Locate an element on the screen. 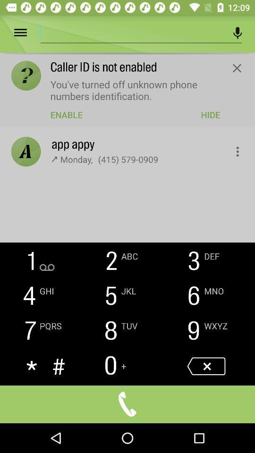 Image resolution: width=255 pixels, height=453 pixels. open menu is located at coordinates (27, 33).